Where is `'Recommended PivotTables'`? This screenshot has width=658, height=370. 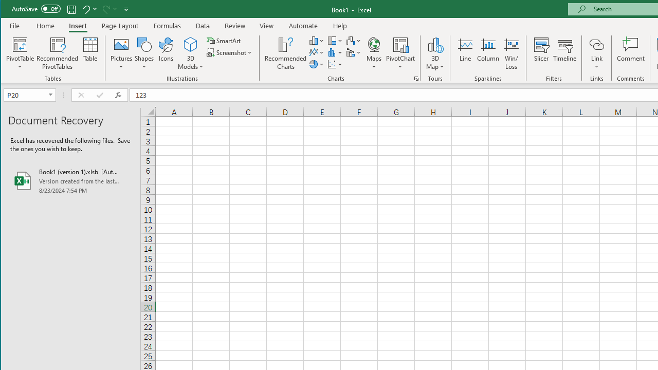 'Recommended PivotTables' is located at coordinates (57, 53).